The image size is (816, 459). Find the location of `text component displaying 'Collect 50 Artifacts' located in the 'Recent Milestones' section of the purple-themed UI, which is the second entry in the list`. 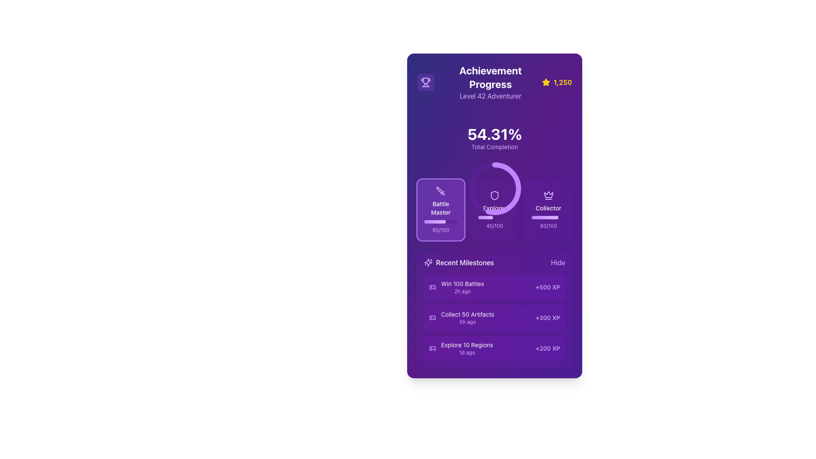

text component displaying 'Collect 50 Artifacts' located in the 'Recent Milestones' section of the purple-themed UI, which is the second entry in the list is located at coordinates (467, 314).